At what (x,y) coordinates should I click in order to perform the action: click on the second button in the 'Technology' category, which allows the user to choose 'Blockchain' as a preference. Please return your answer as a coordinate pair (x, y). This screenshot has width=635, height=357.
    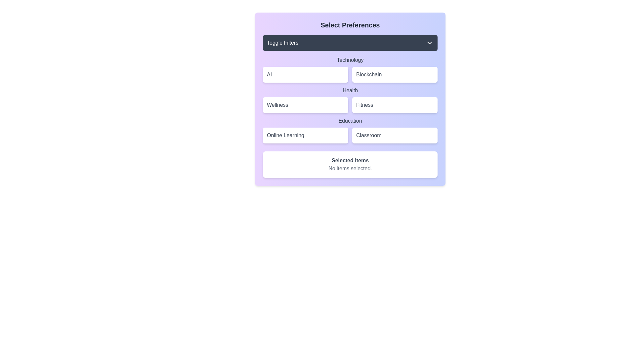
    Looking at the image, I should click on (395, 74).